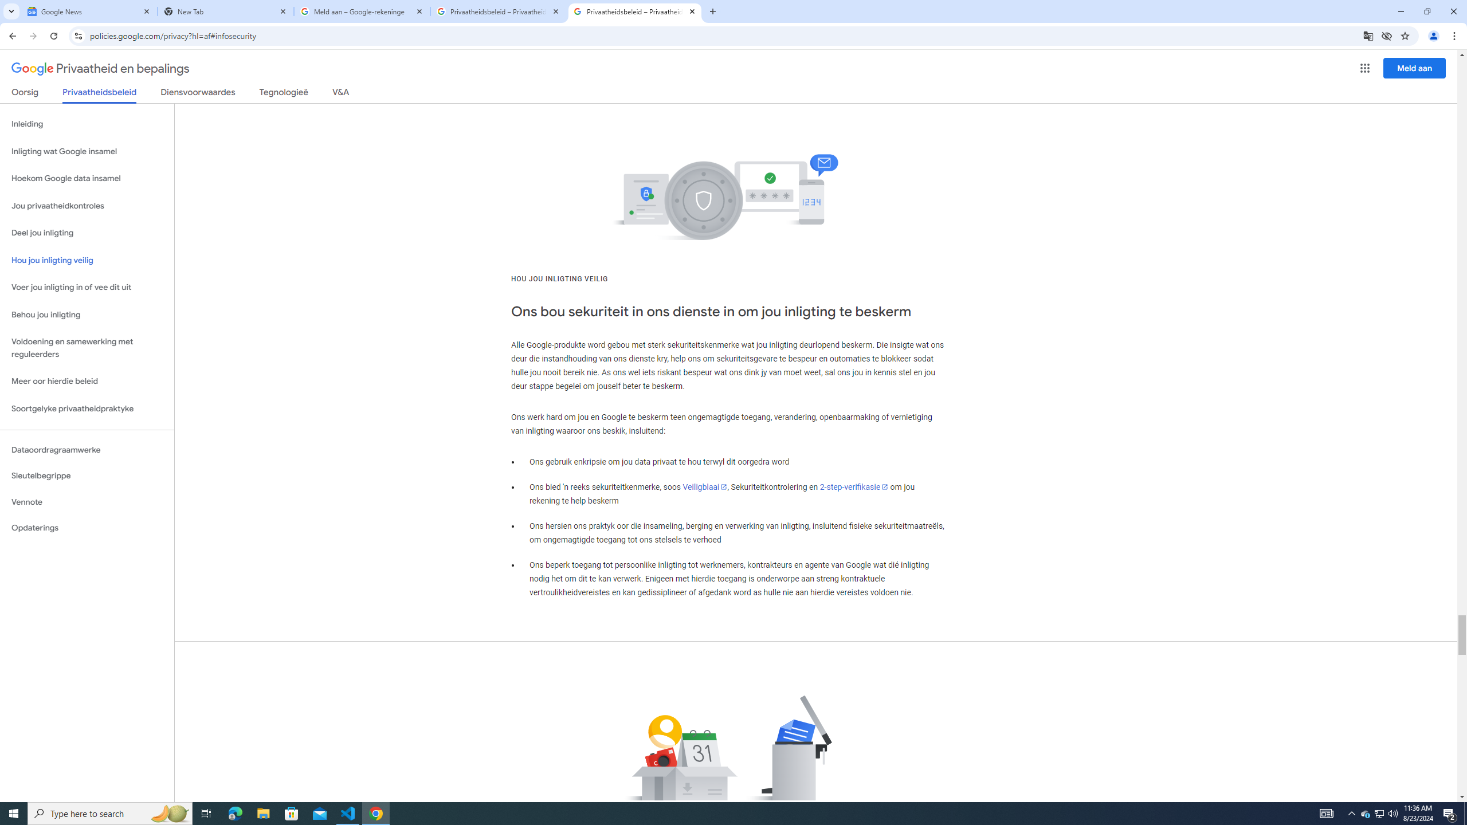 Image resolution: width=1467 pixels, height=825 pixels. Describe the element at coordinates (100, 95) in the screenshot. I see `'Privaatheidsbeleid'` at that location.